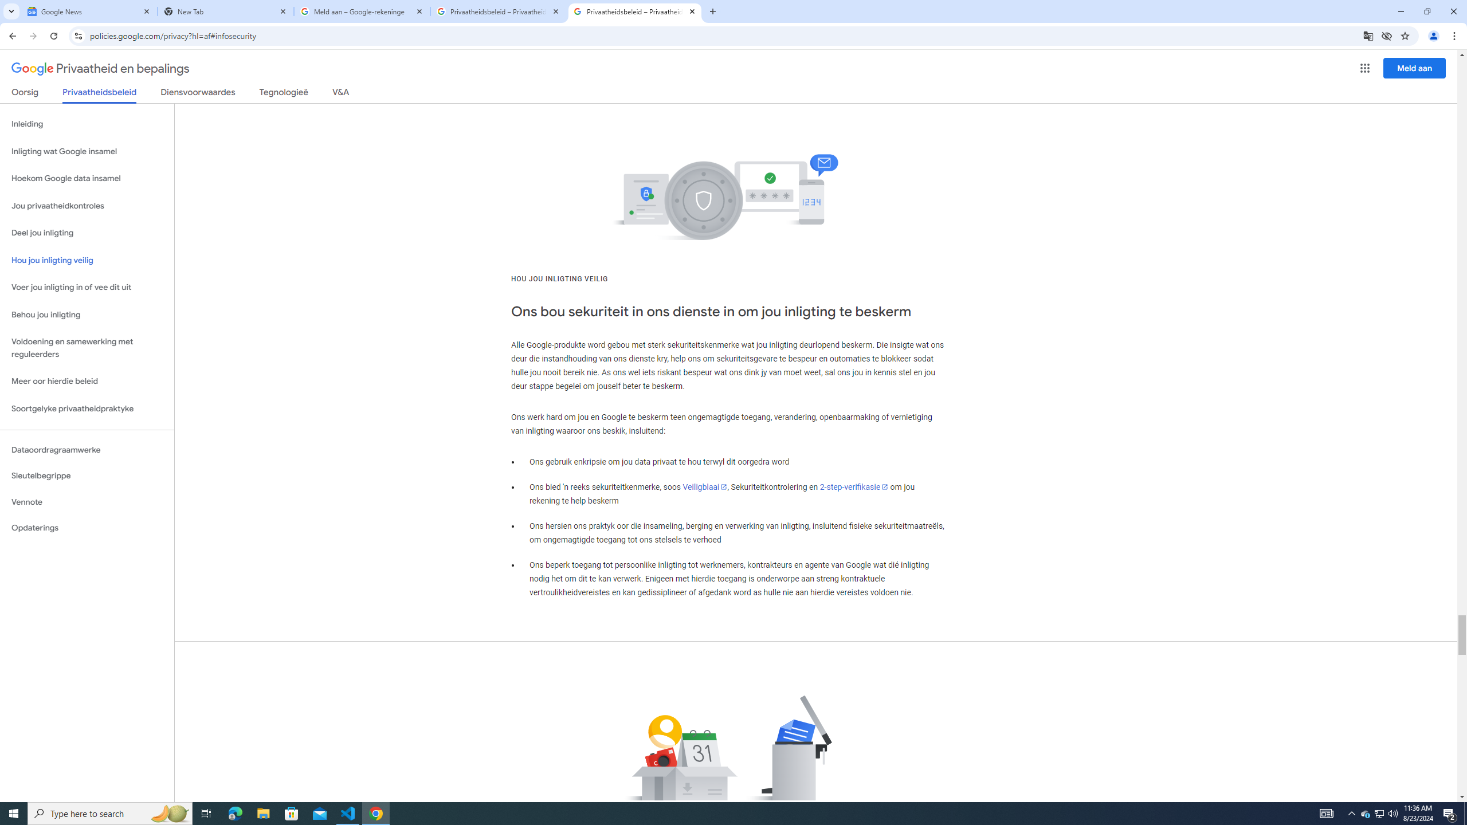 Image resolution: width=1467 pixels, height=825 pixels. Describe the element at coordinates (100, 95) in the screenshot. I see `'Privaatheidsbeleid'` at that location.